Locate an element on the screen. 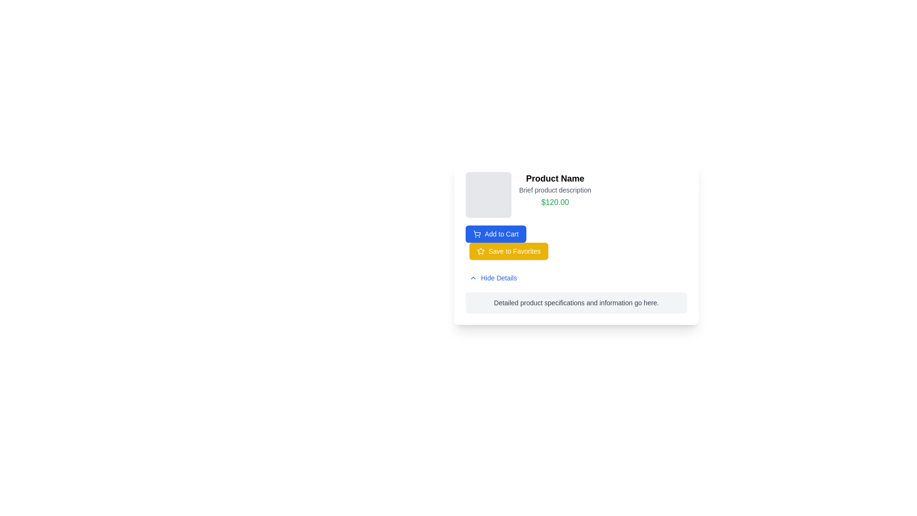 The height and width of the screenshot is (516, 917). text element that displays 'Brief product description', located below the title 'Product Name' and above the price '$120.00' is located at coordinates (555, 190).